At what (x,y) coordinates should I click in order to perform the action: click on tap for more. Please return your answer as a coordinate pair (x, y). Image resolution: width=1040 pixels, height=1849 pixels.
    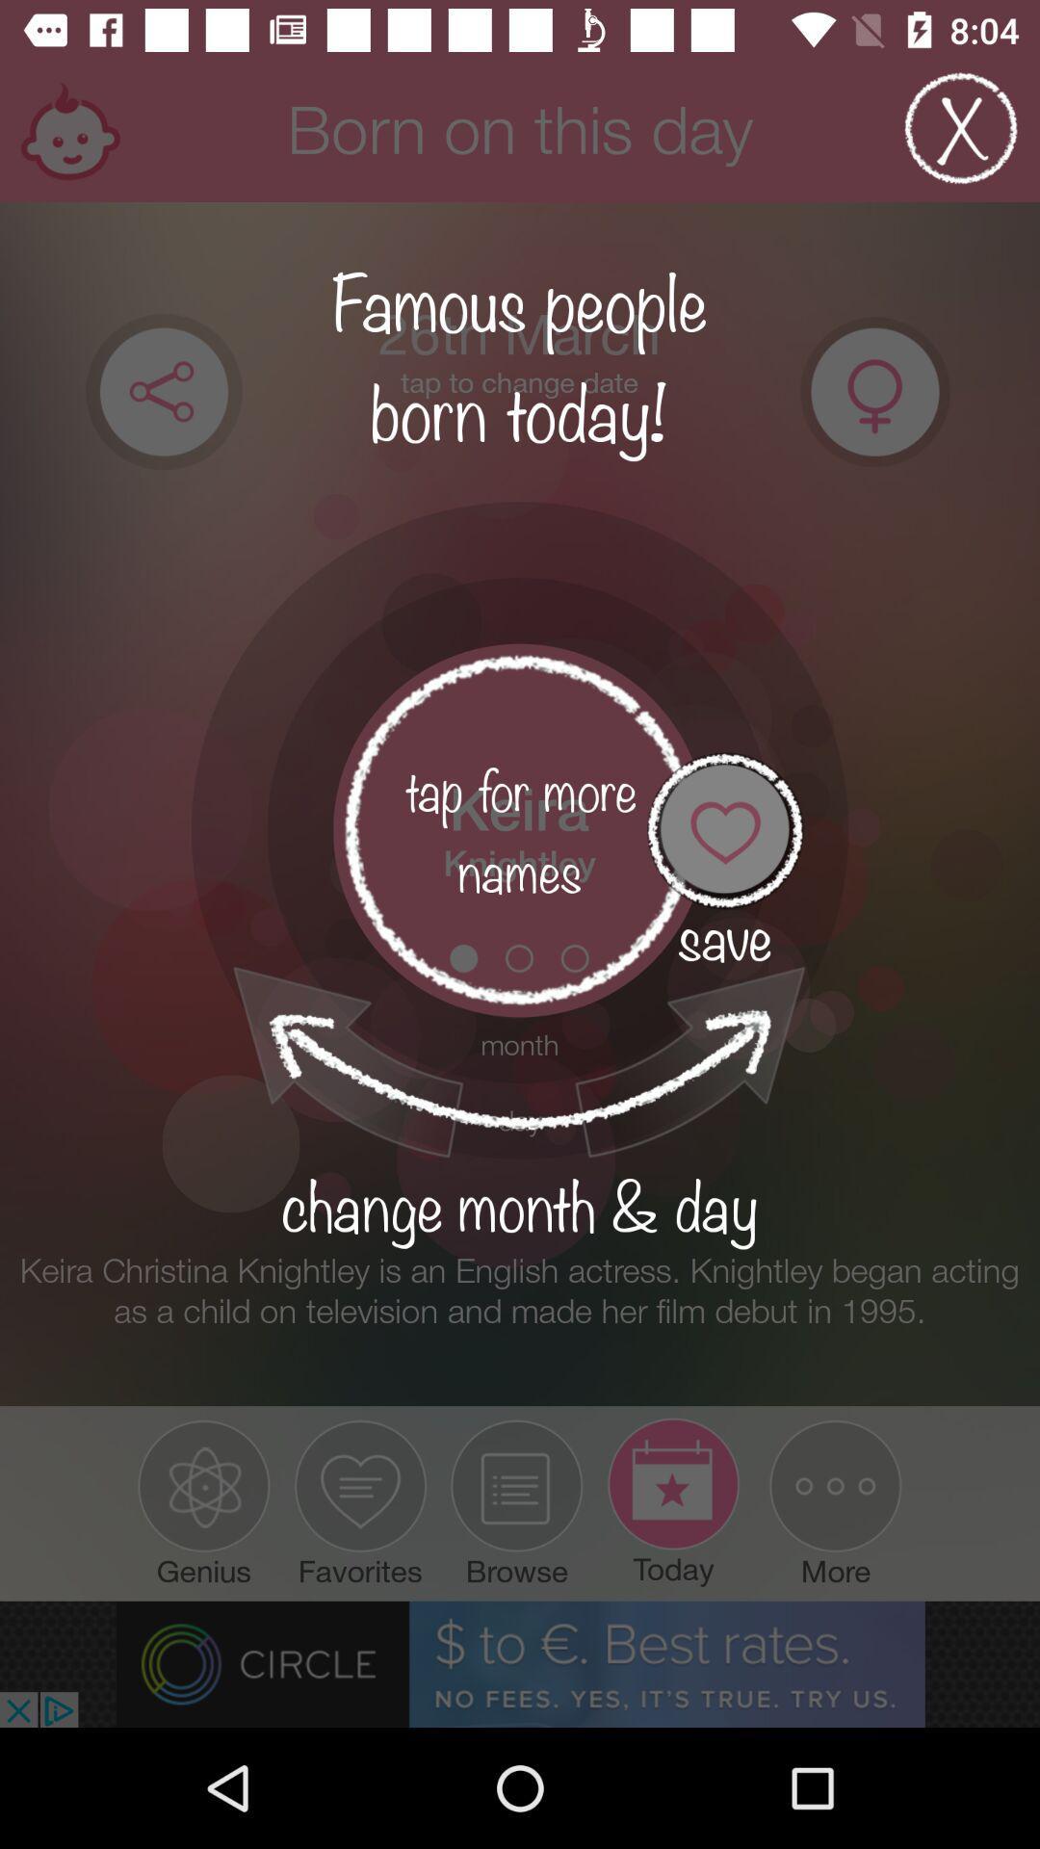
    Looking at the image, I should click on (520, 830).